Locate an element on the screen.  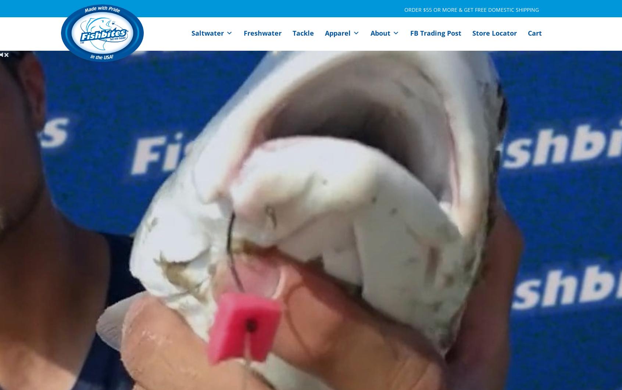
'About' is located at coordinates (380, 33).